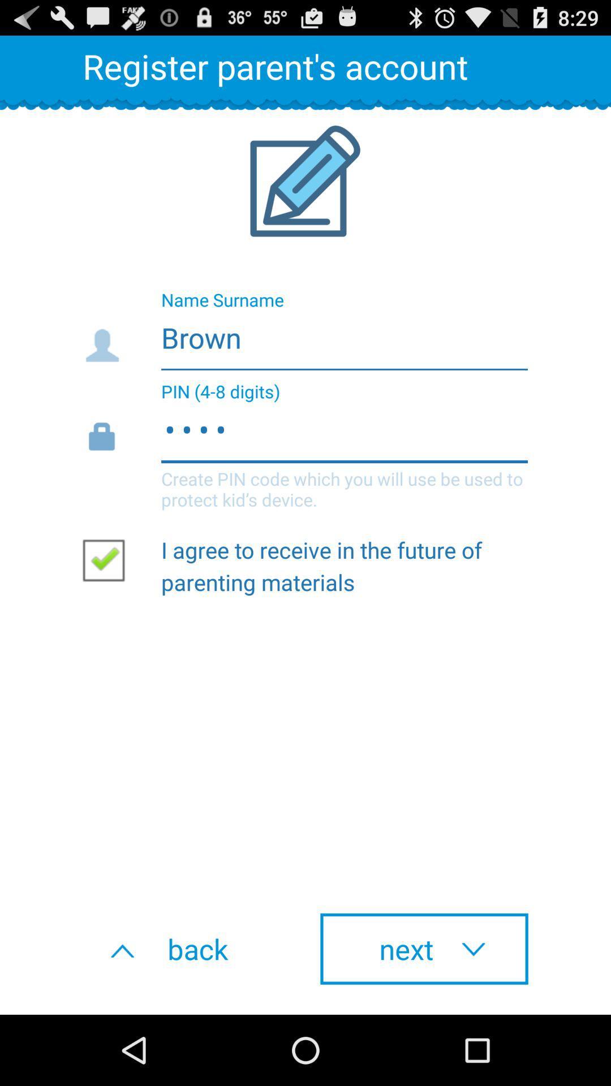  I want to click on the next, so click(424, 949).